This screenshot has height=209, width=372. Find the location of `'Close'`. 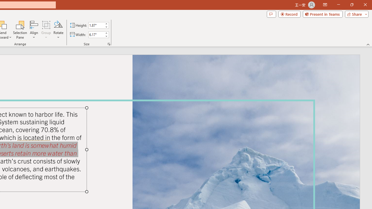

'Close' is located at coordinates (365, 5).